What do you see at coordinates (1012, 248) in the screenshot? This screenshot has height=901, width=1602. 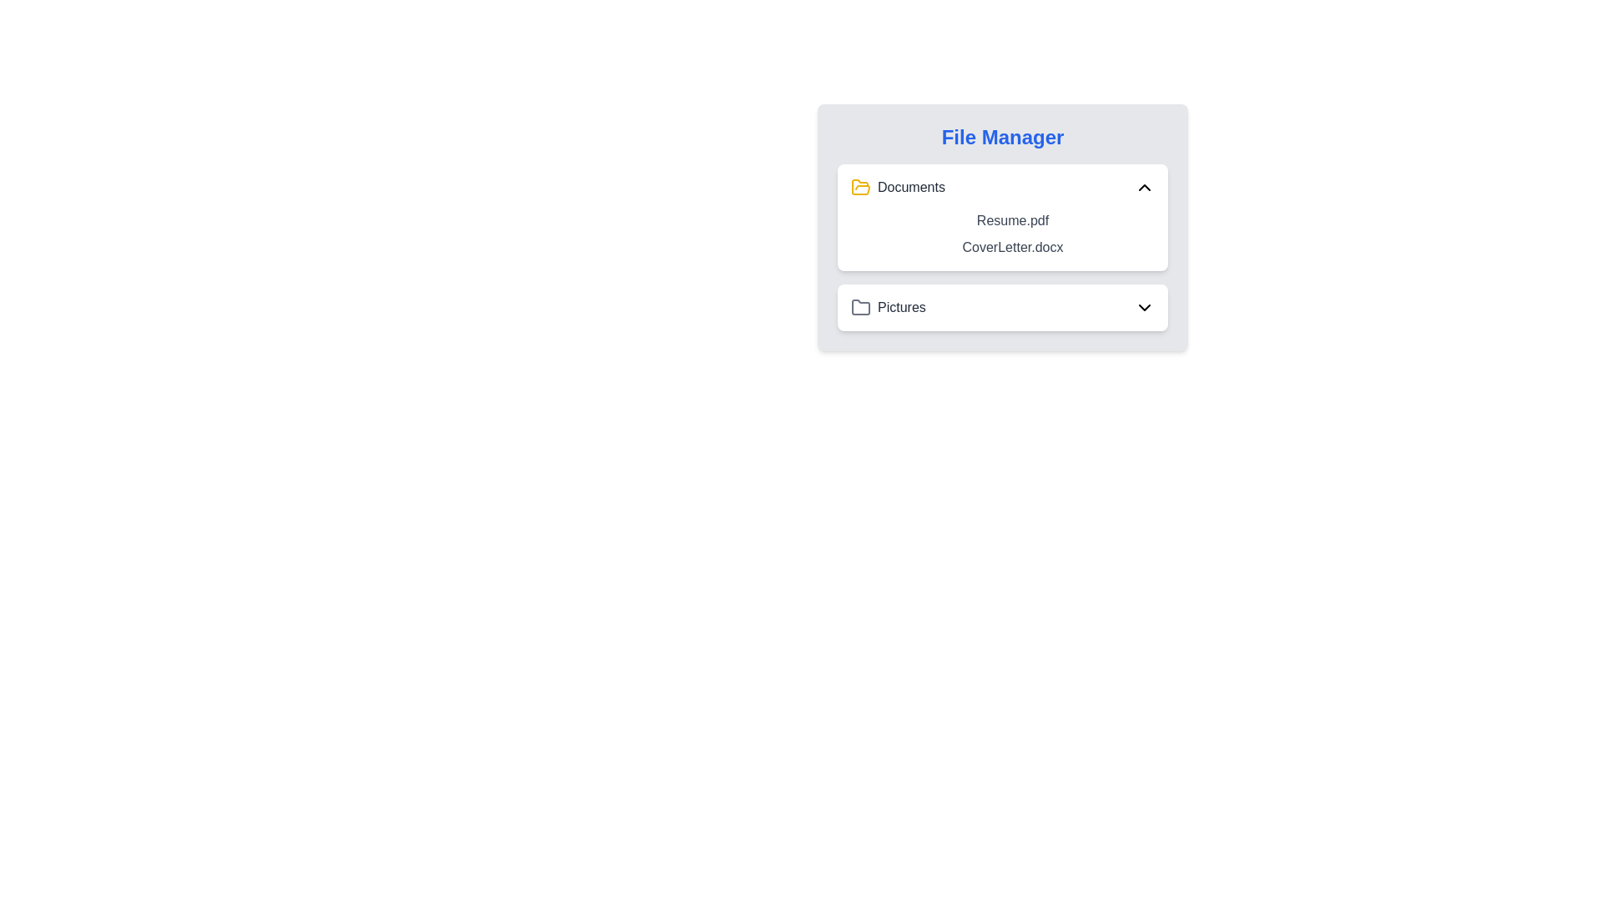 I see `the text label 'CoverLetter.docx'` at bounding box center [1012, 248].